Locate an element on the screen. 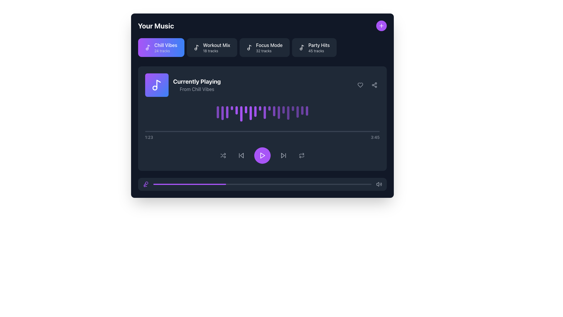 This screenshot has height=317, width=563. the first audio visualization bar in the sequence of pulsating bars in the music player is located at coordinates (217, 112).